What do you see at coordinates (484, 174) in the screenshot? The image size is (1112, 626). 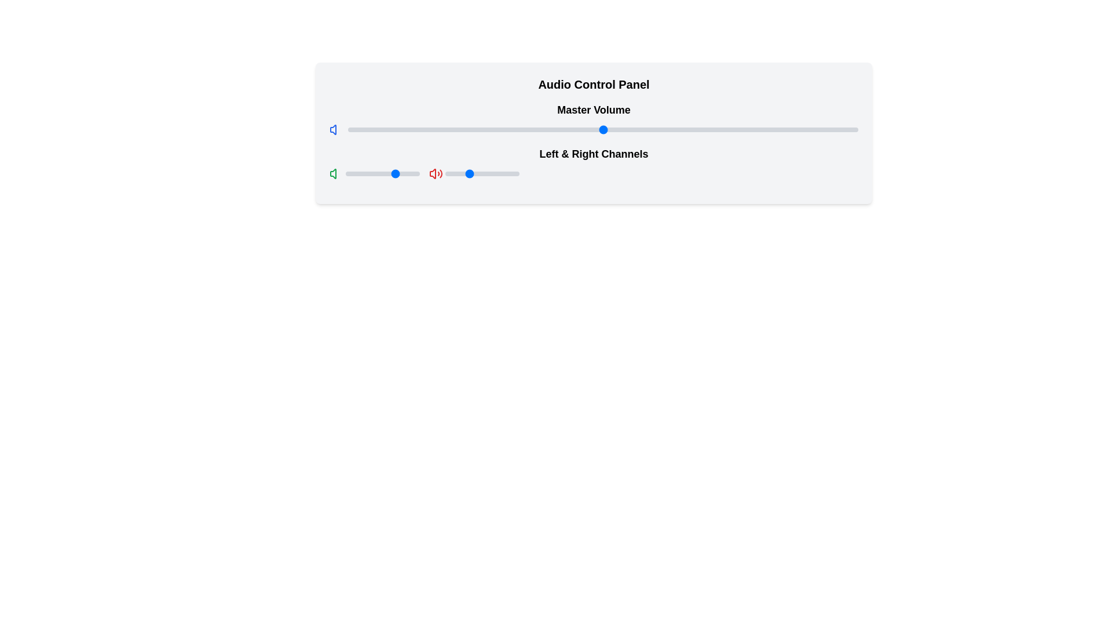 I see `the balance of left and right audio channels` at bounding box center [484, 174].